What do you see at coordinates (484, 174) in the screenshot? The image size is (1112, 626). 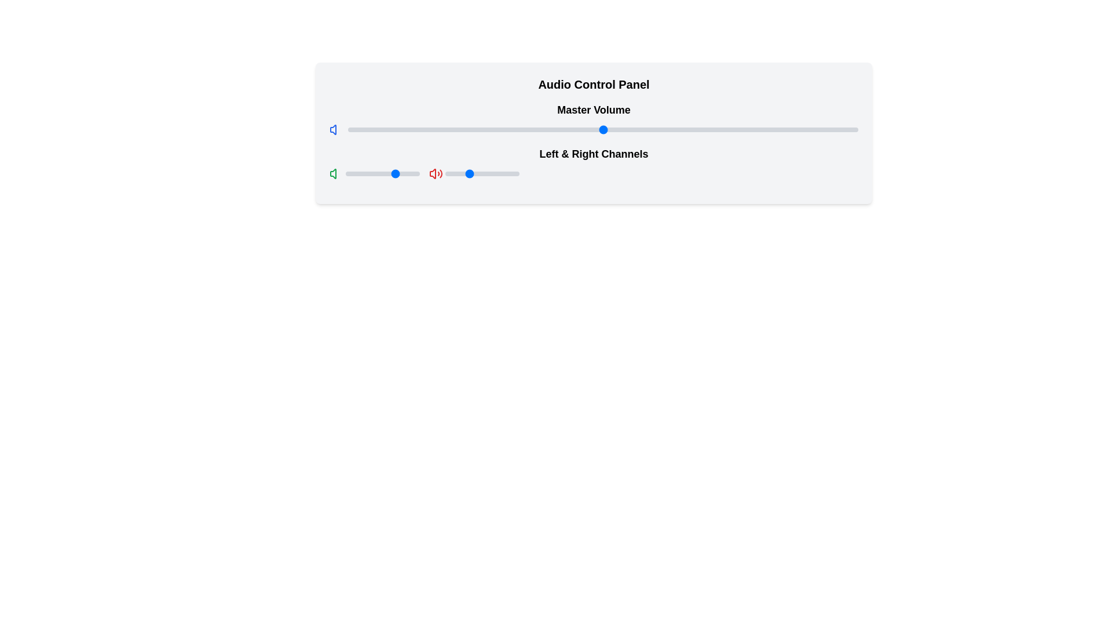 I see `the balance of left and right audio channels` at bounding box center [484, 174].